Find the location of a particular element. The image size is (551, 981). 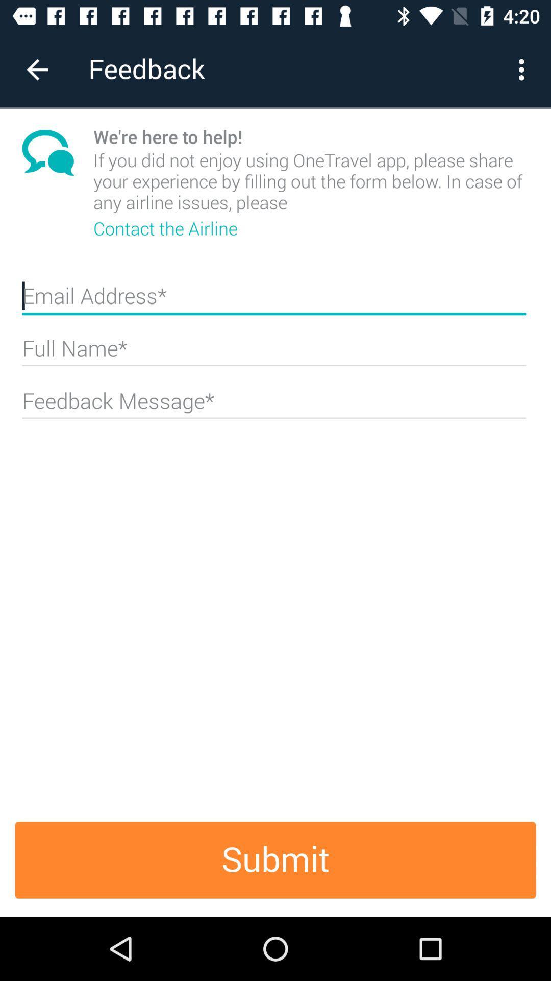

feedback message is located at coordinates (273, 405).